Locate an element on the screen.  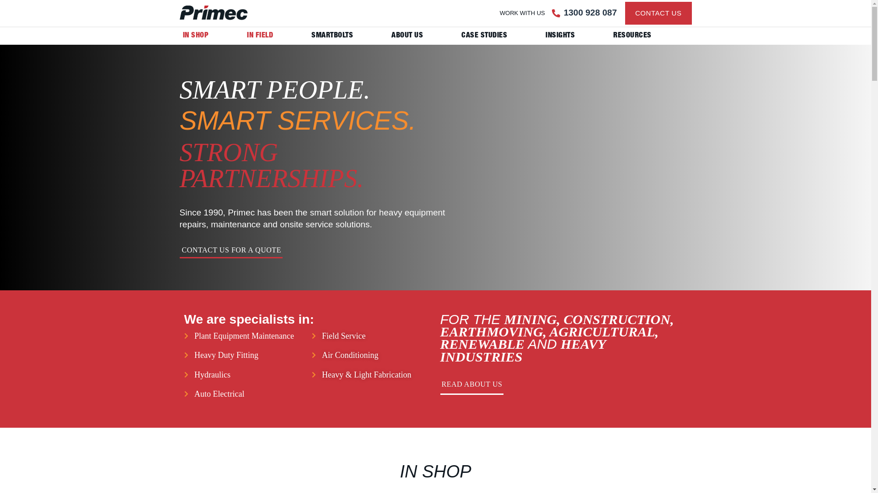
'CONTACT US FOR A QUOTE' is located at coordinates (230, 252).